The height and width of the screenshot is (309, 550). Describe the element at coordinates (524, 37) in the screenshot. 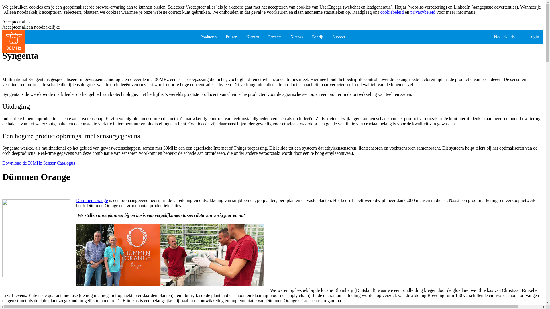

I see `'Login'` at that location.